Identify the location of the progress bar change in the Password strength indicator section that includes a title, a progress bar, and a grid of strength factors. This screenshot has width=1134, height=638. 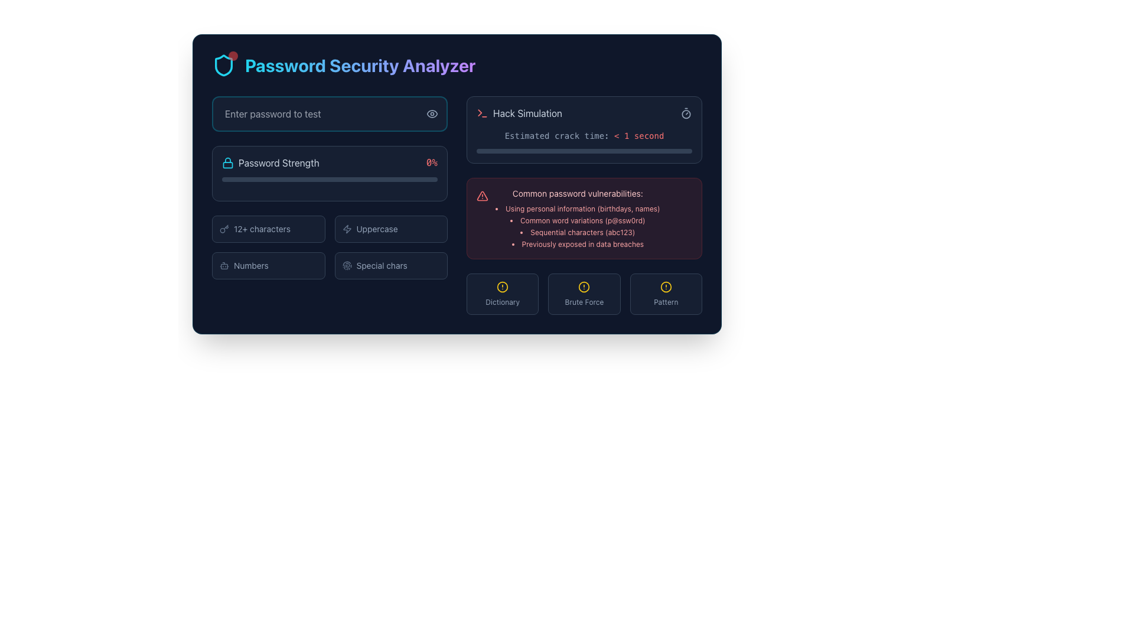
(330, 204).